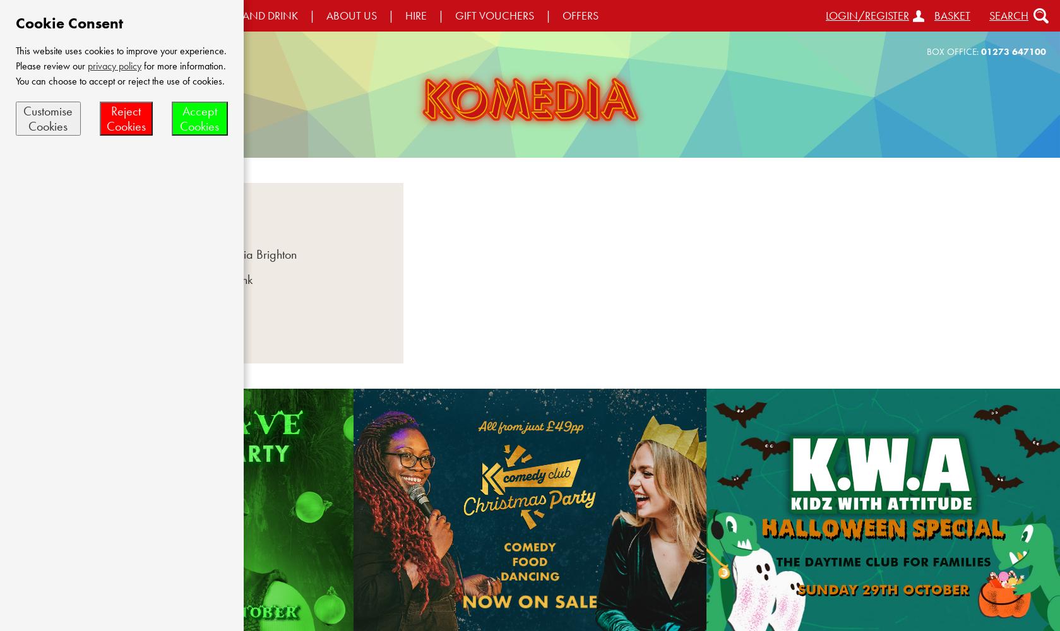 The image size is (1060, 631). Describe the element at coordinates (121, 73) in the screenshot. I see `'for more information. You can choose to accept or reject the use of cookies.'` at that location.